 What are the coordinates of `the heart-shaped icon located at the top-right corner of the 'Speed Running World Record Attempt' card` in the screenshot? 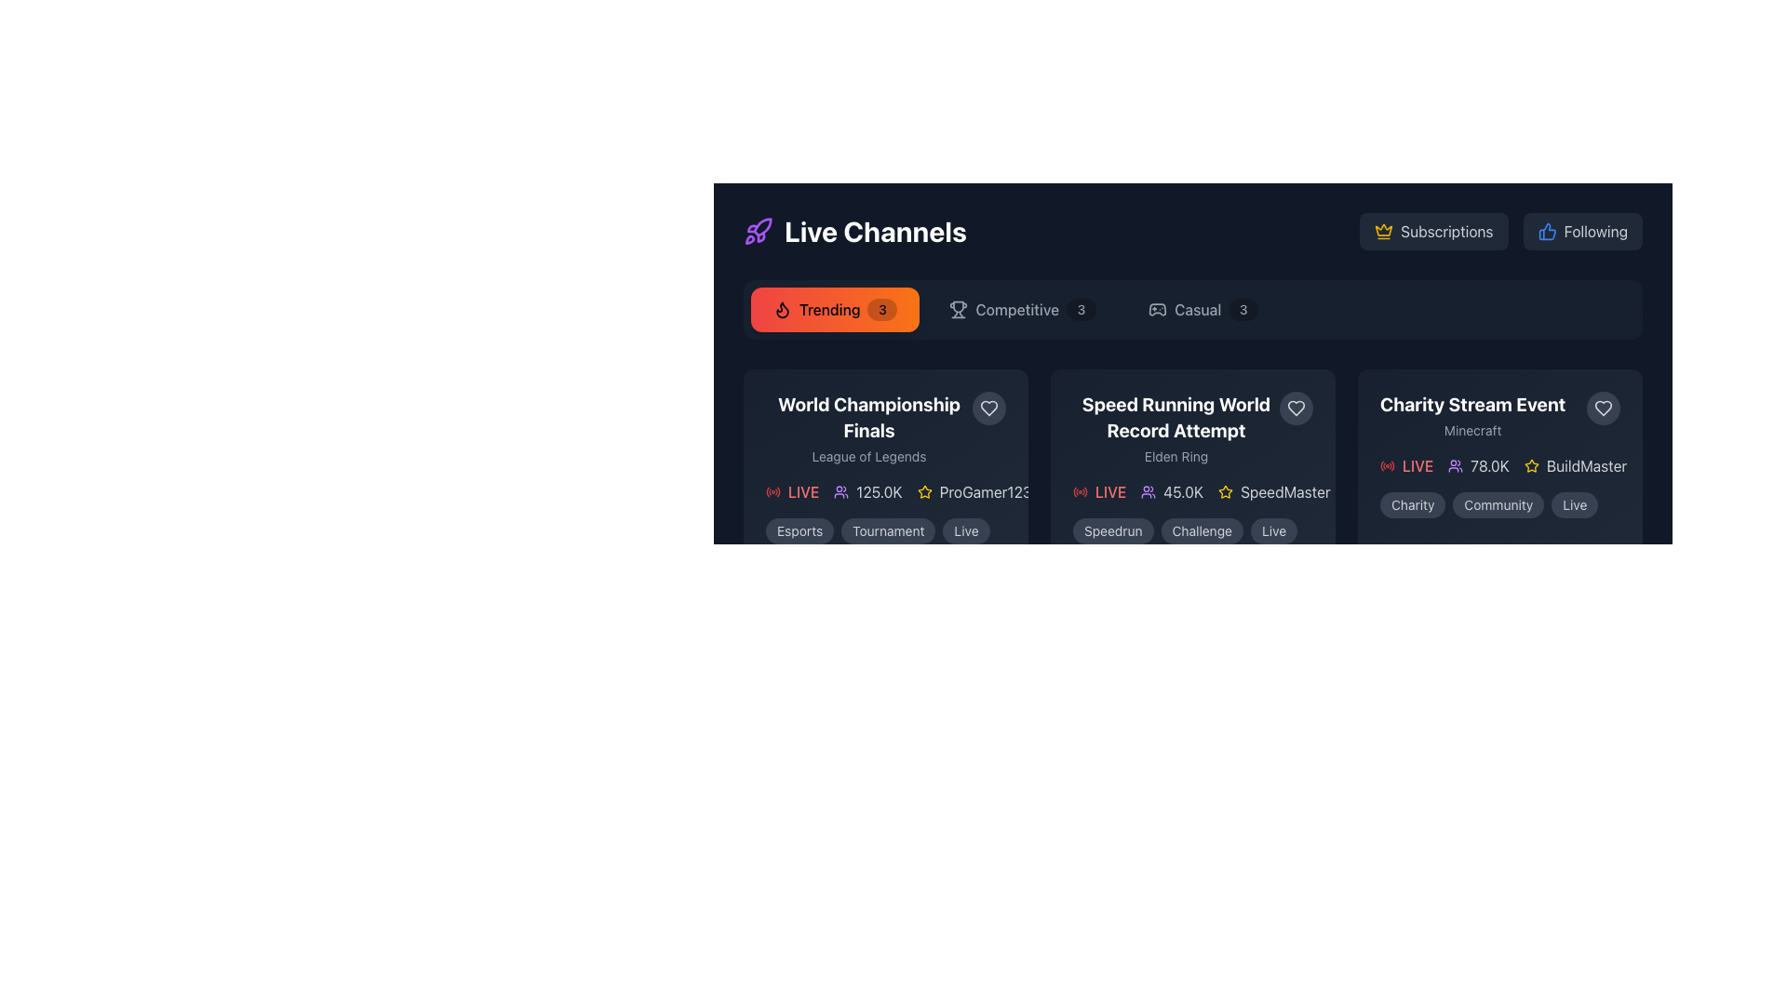 It's located at (1295, 408).